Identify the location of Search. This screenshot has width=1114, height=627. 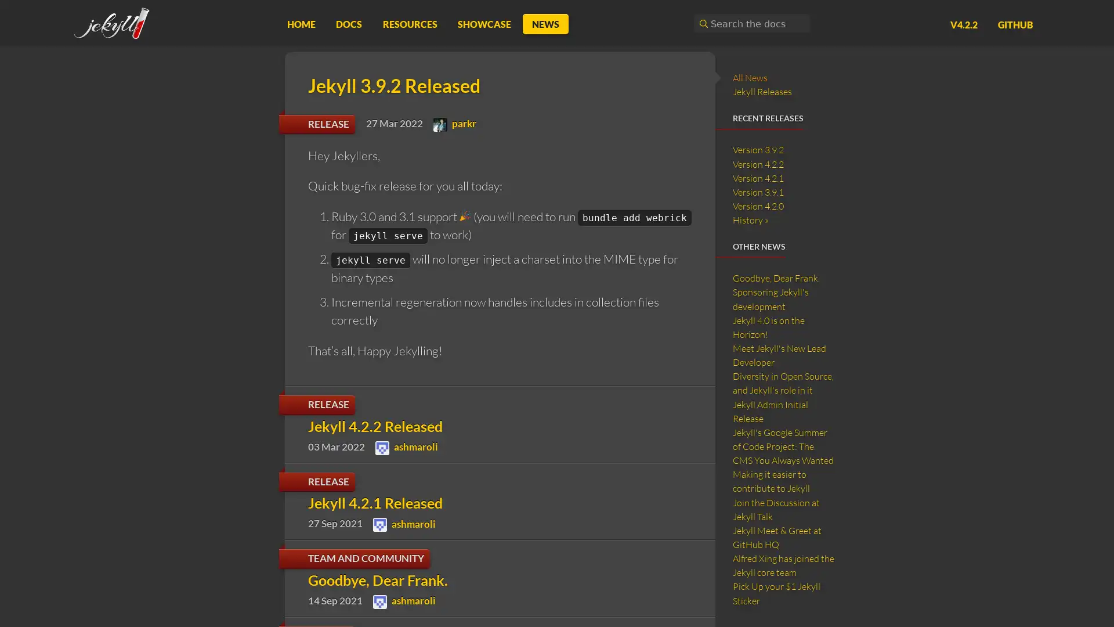
(701, 23).